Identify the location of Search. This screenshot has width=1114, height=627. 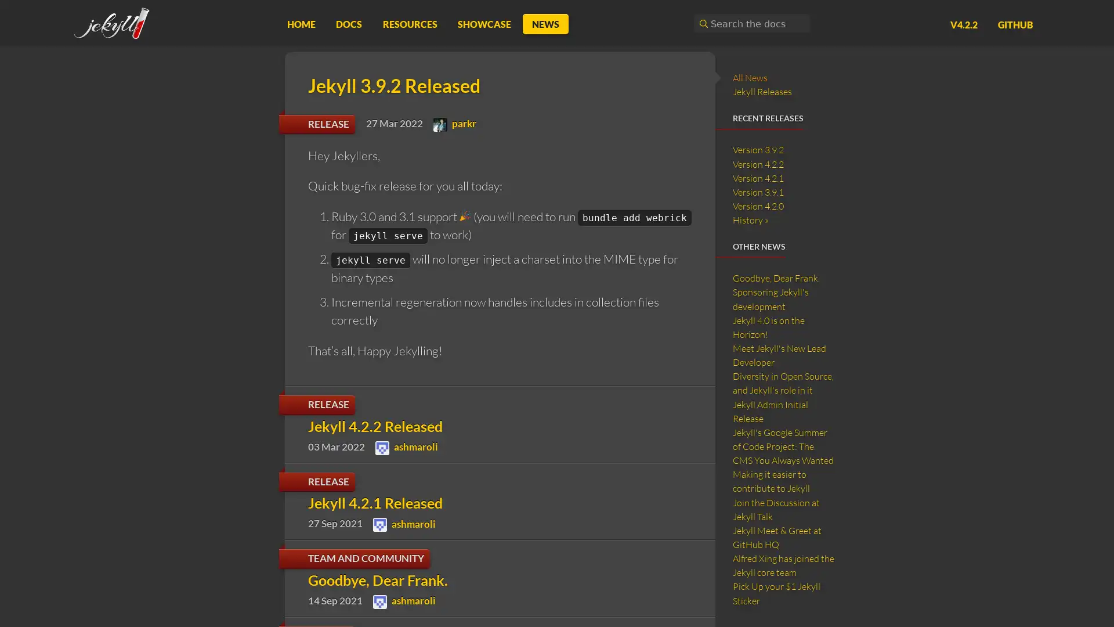
(701, 23).